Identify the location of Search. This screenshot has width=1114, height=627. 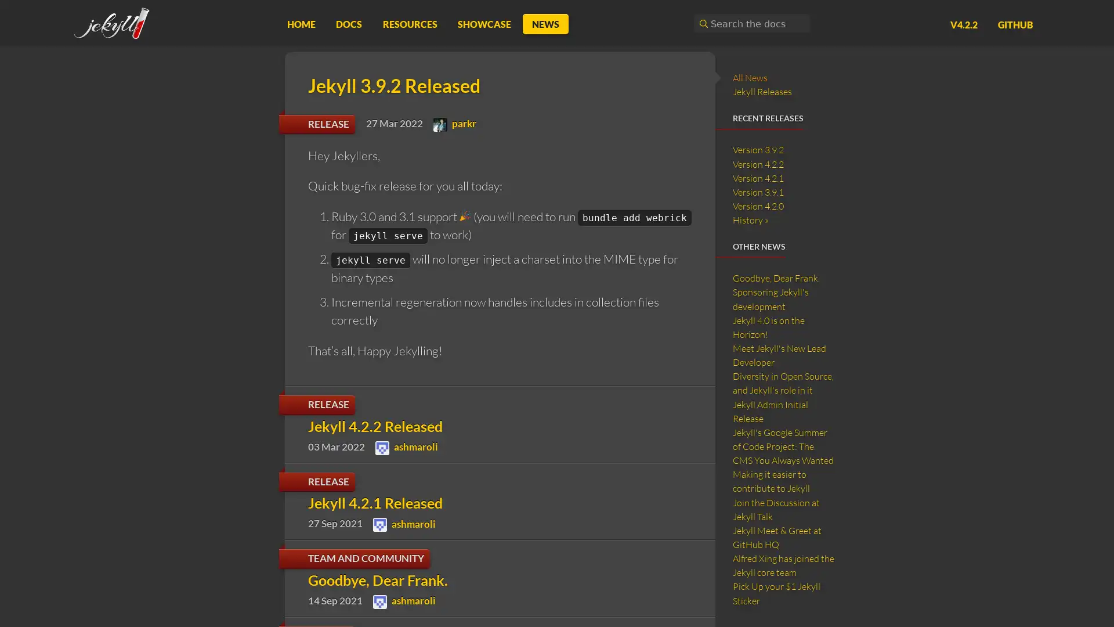
(701, 23).